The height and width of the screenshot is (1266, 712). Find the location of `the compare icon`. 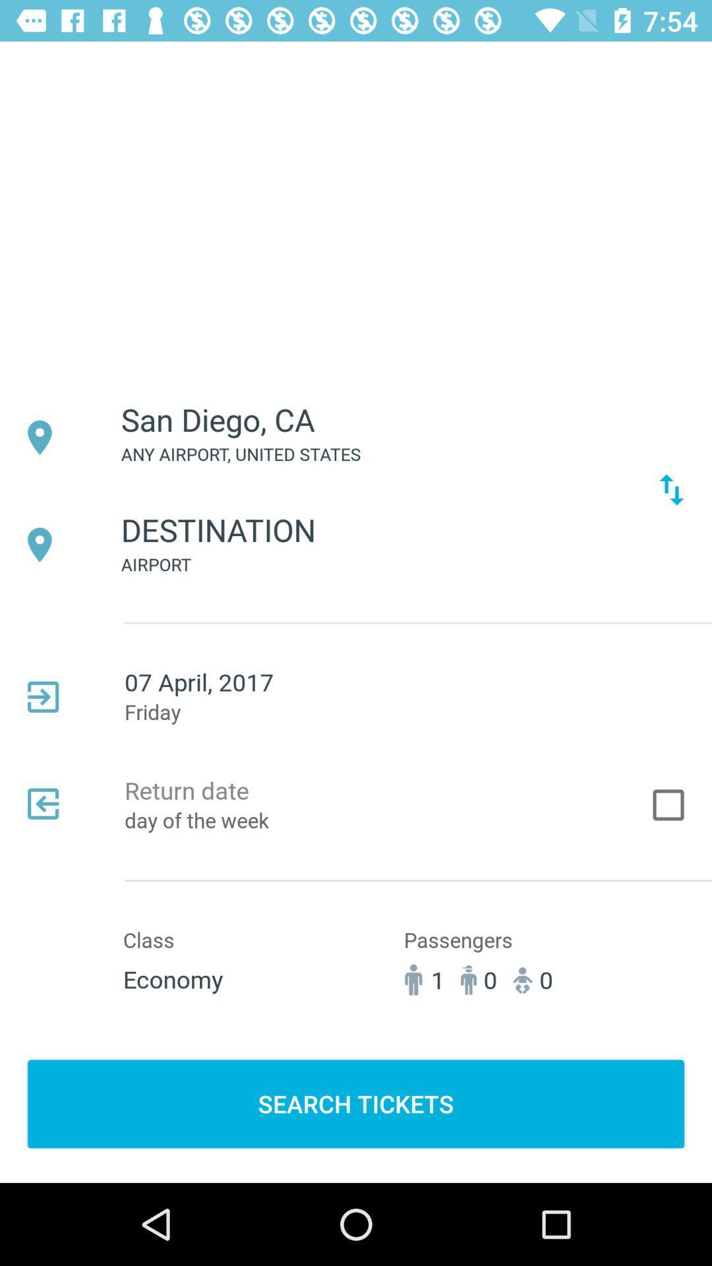

the compare icon is located at coordinates (671, 489).